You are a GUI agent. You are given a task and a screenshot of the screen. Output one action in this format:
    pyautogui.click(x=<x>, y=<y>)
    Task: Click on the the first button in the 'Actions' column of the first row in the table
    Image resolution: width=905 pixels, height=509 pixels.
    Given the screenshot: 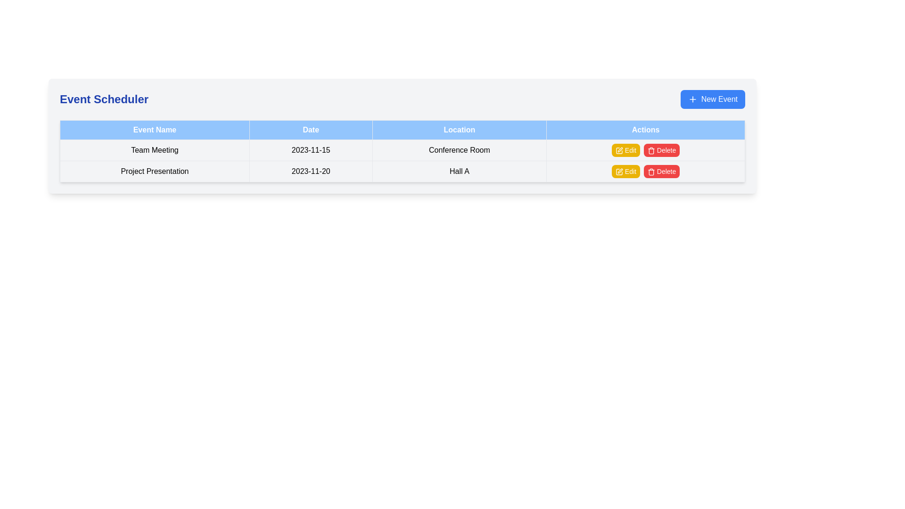 What is the action you would take?
    pyautogui.click(x=625, y=150)
    